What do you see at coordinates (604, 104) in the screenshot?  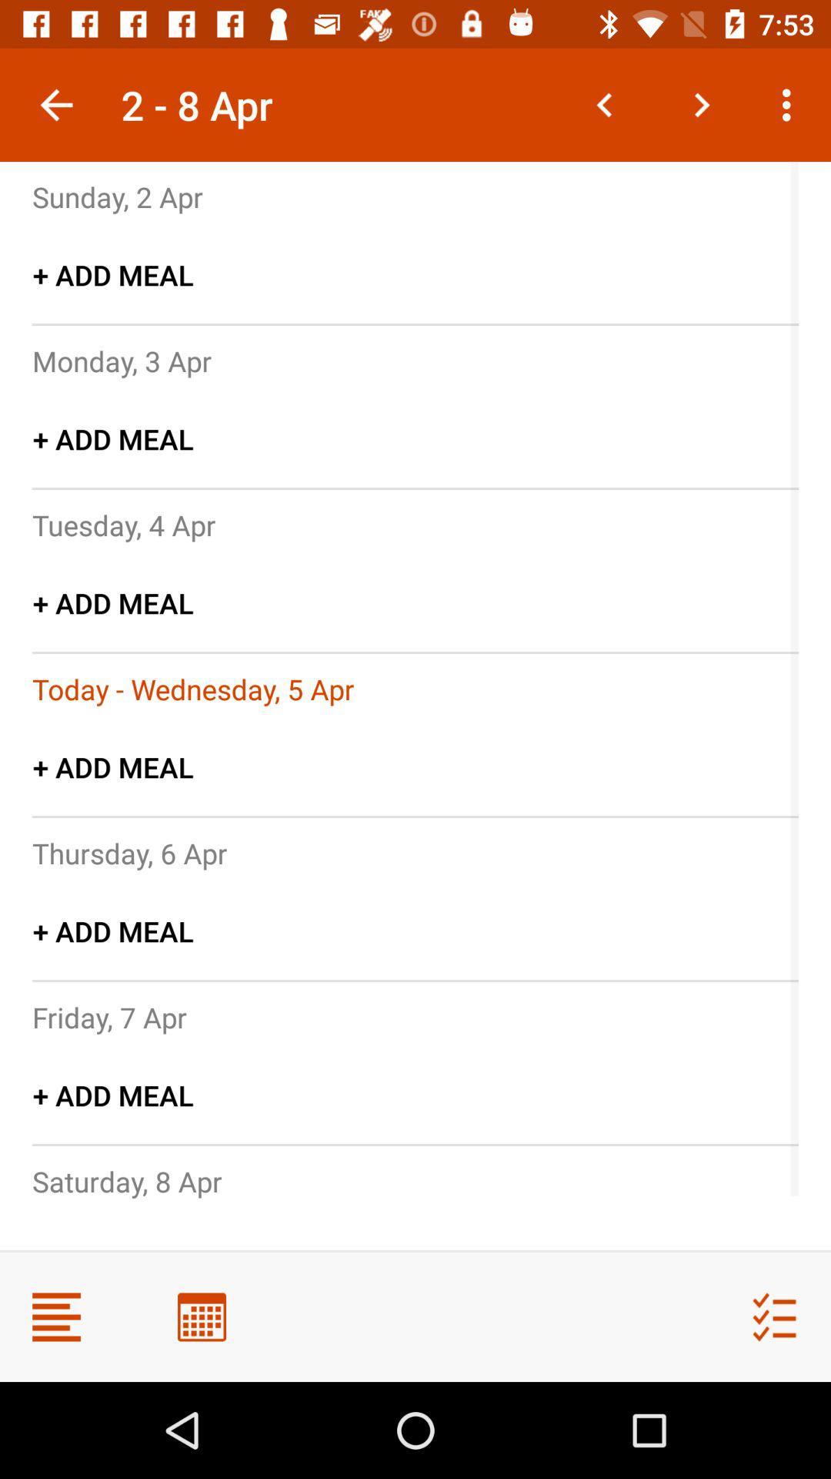 I see `previous` at bounding box center [604, 104].